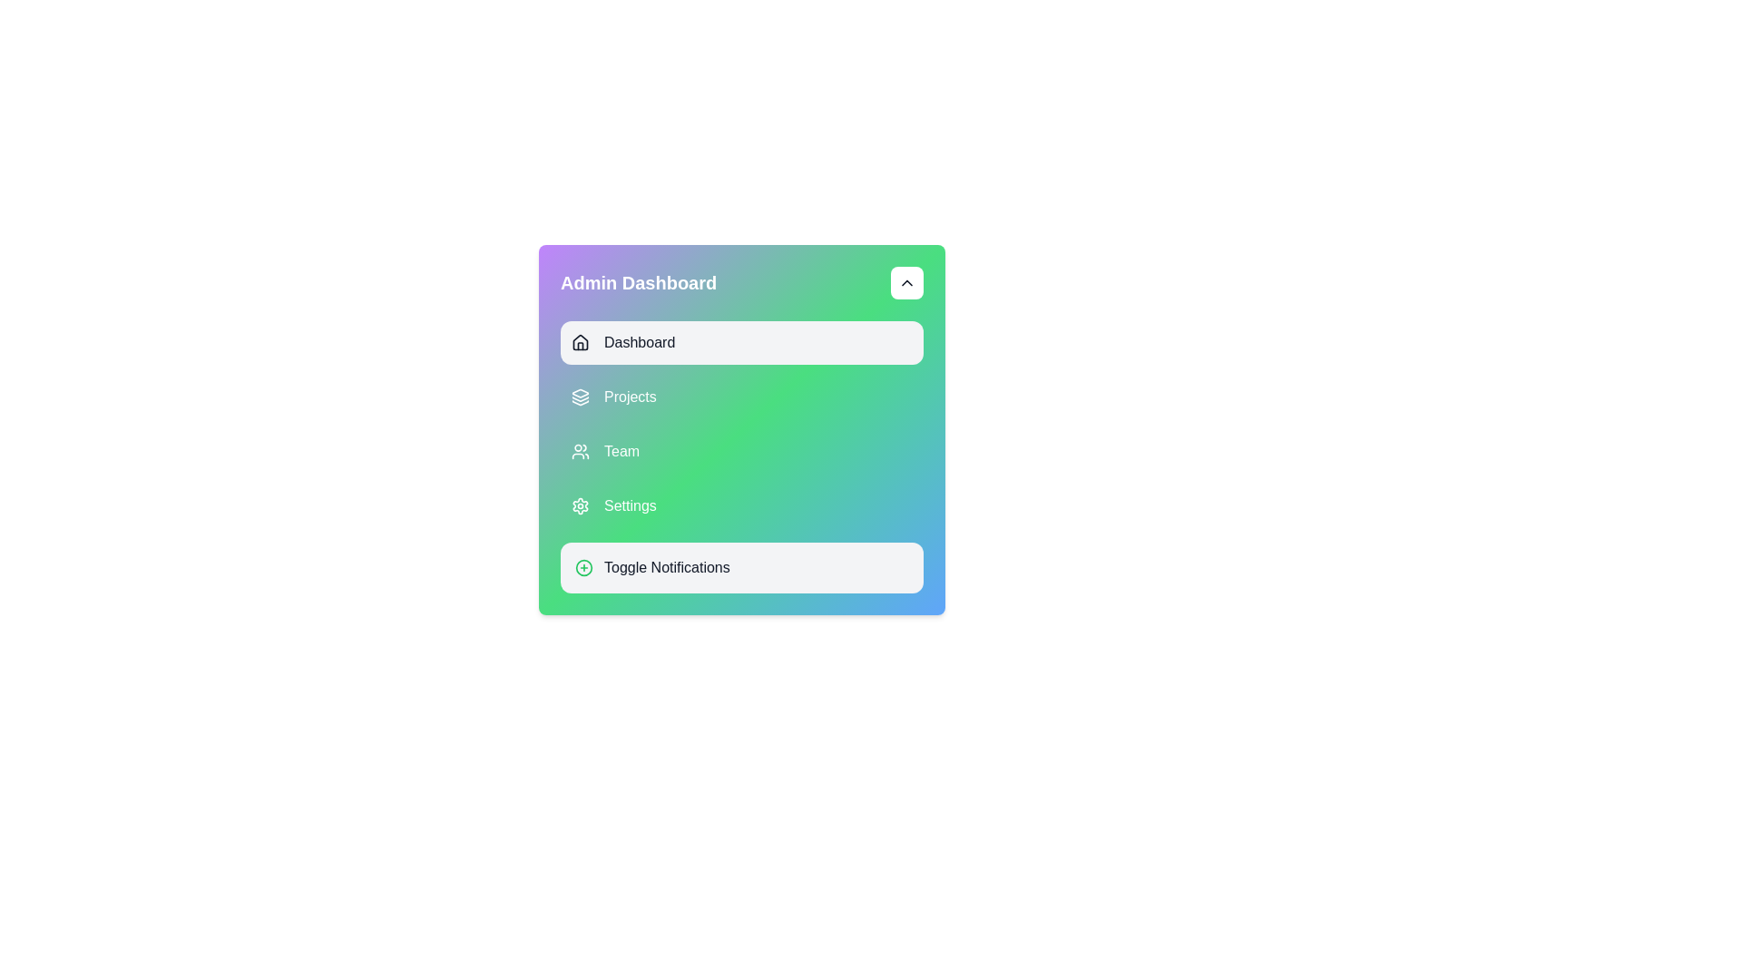 The image size is (1742, 980). I want to click on the appearance of the circular border component around the '+' symbol in the 'circle-plus' icon located at the bottom right corner of the settings menu, so click(583, 566).